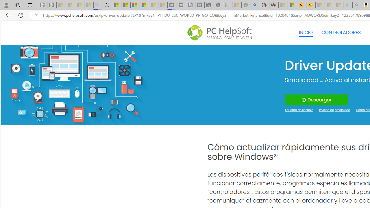 This screenshot has width=370, height=208. I want to click on 'CONTROLADORES', so click(341, 33).